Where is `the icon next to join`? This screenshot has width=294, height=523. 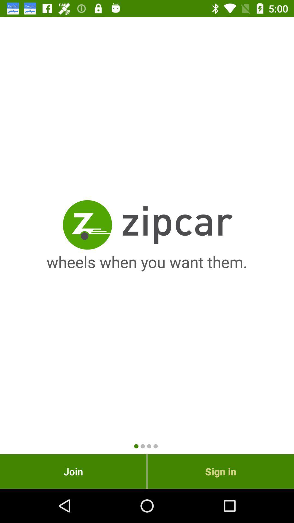
the icon next to join is located at coordinates (220, 471).